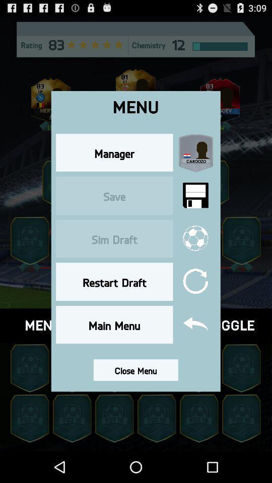  What do you see at coordinates (135, 309) in the screenshot?
I see `the date_range icon` at bounding box center [135, 309].